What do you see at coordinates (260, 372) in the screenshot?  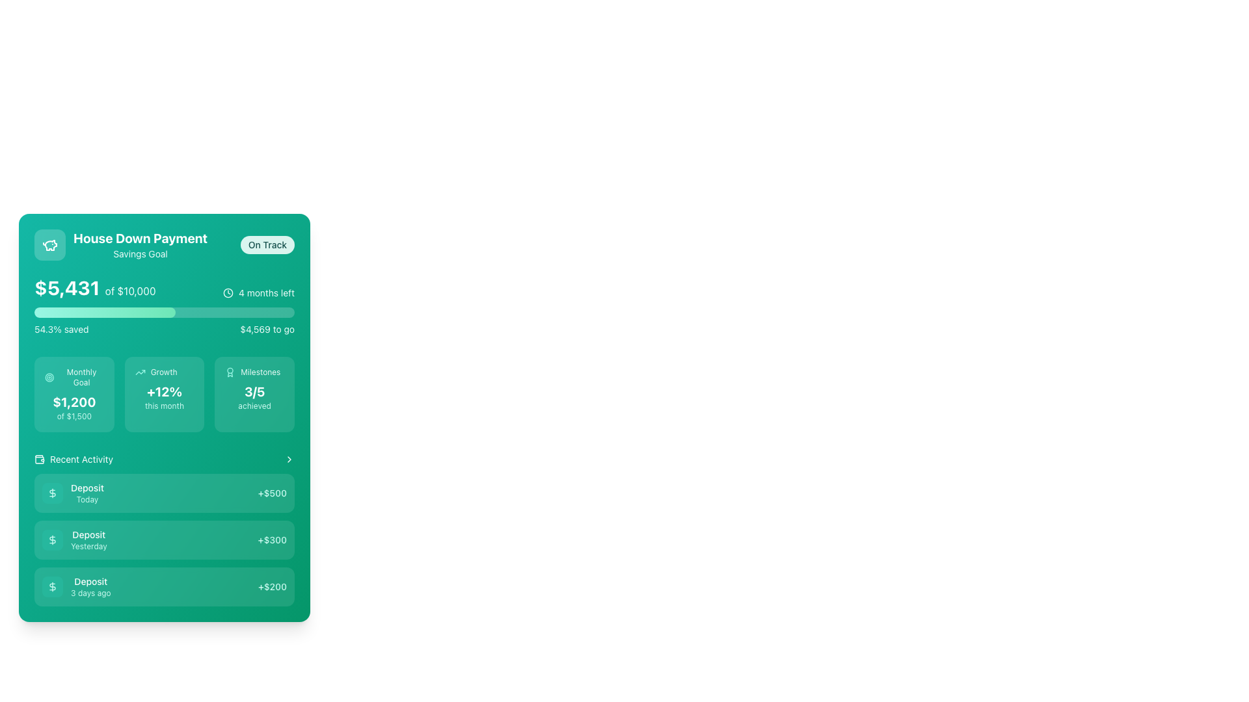 I see `the 'Milestones' text label, which is styled in teal color and located towards the bottom right section of the main card layout` at bounding box center [260, 372].